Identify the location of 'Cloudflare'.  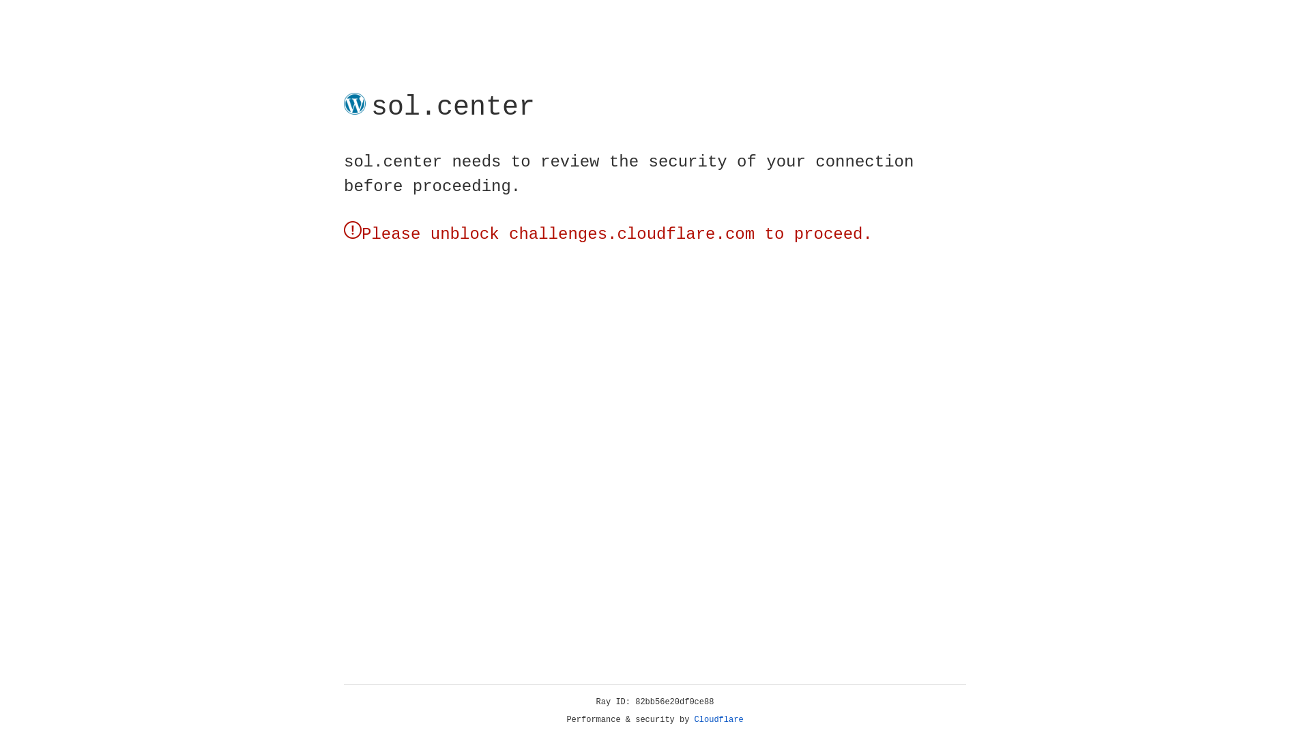
(718, 719).